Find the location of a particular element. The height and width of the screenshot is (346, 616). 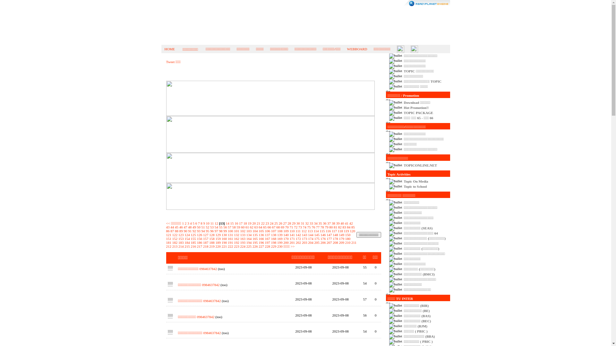

'Topic to School' is located at coordinates (403, 186).